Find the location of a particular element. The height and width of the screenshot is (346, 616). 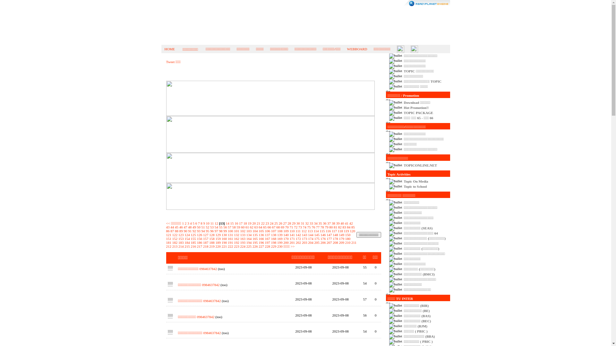

'Topic to School' is located at coordinates (403, 186).